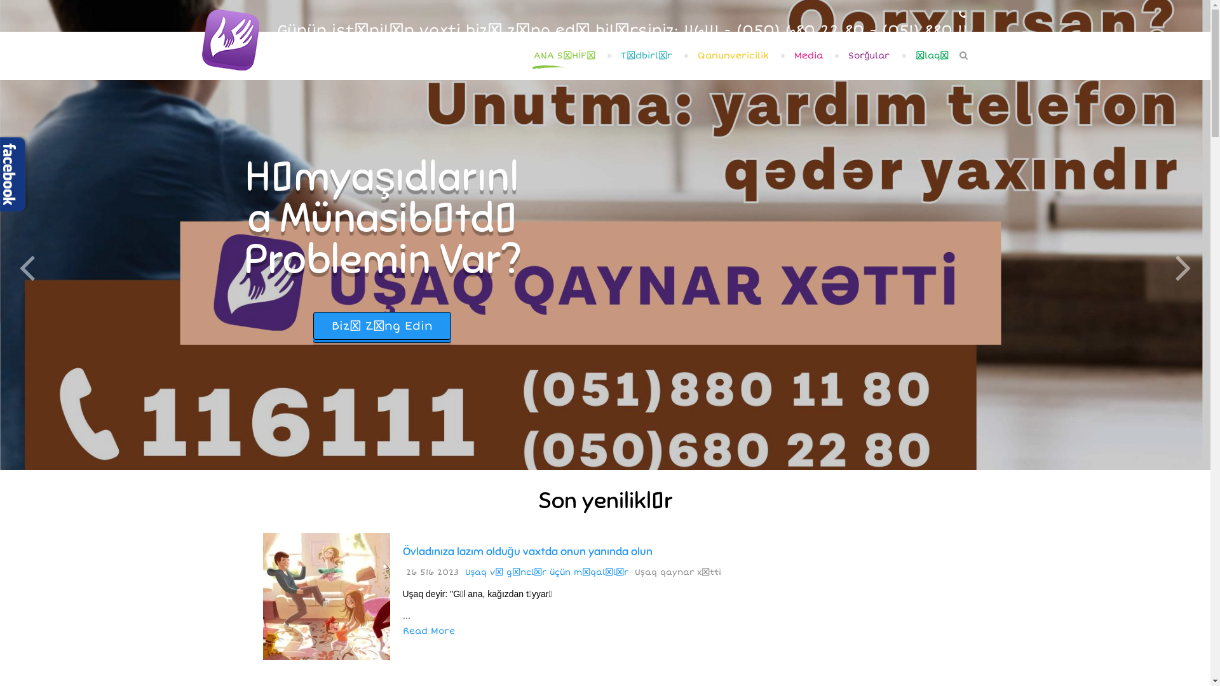 The height and width of the screenshot is (686, 1220). I want to click on 'Read More', so click(429, 631).